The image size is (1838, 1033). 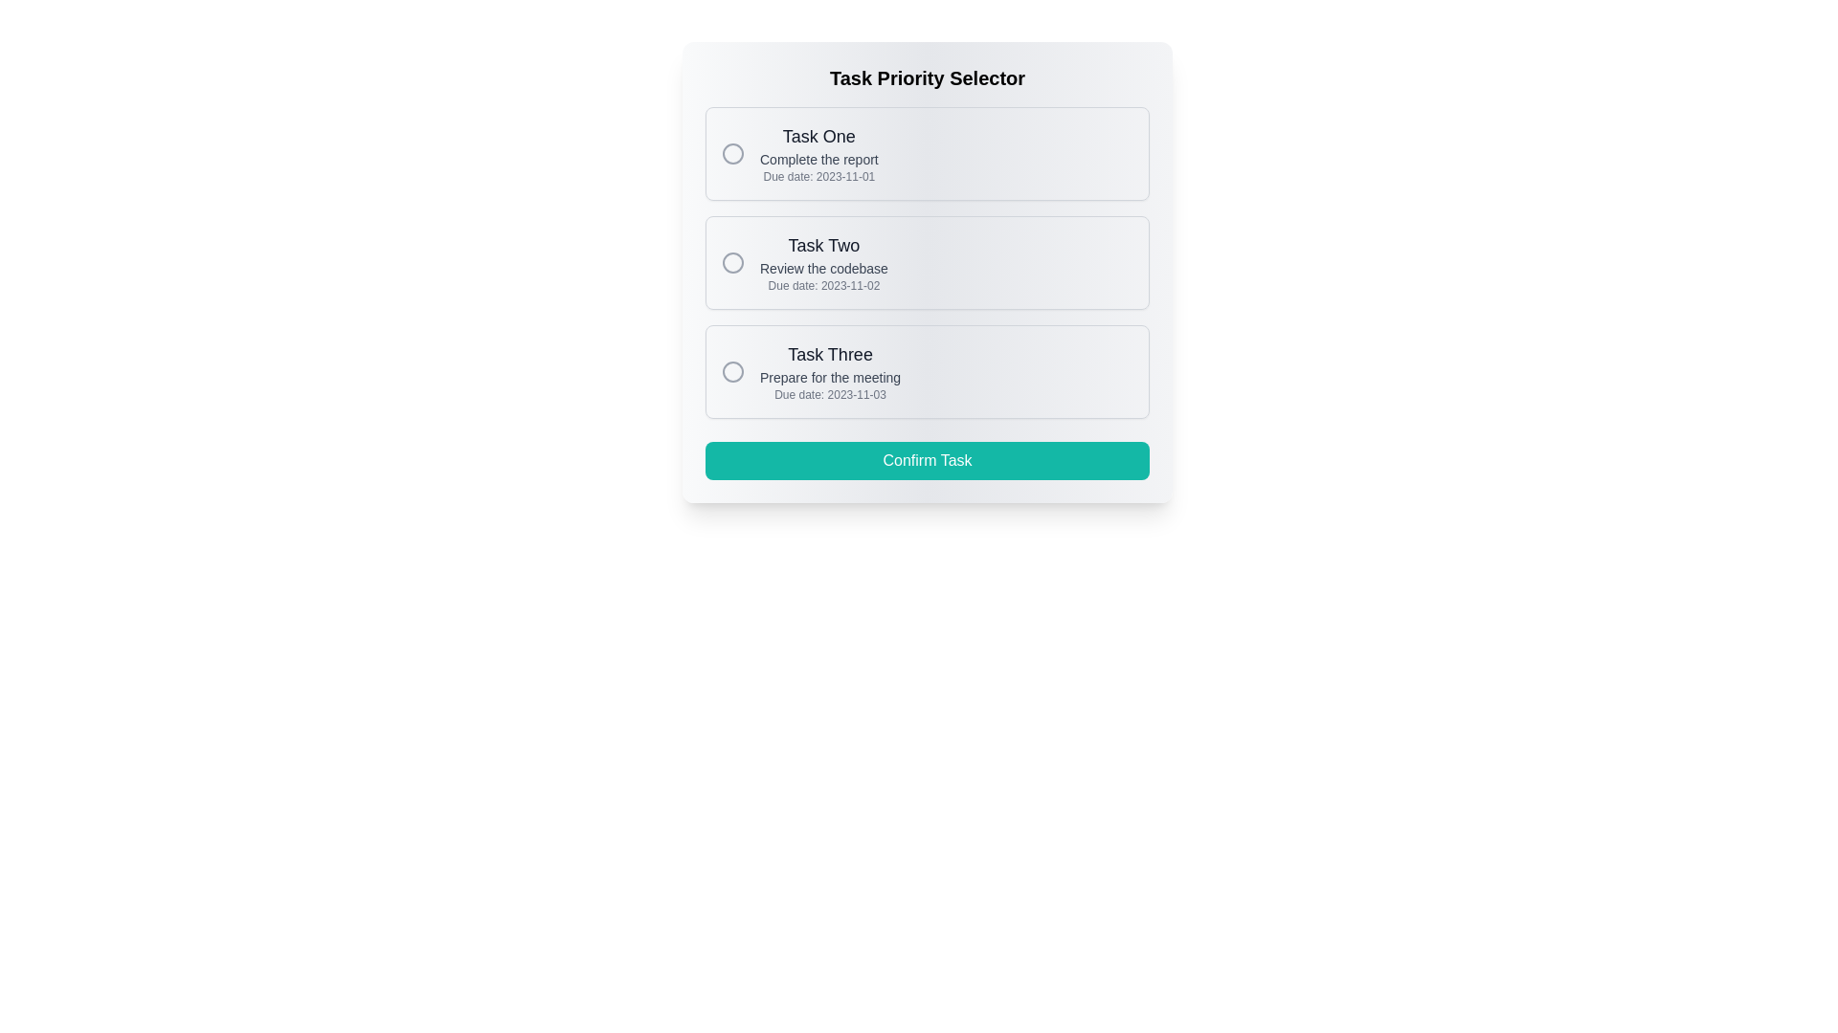 I want to click on the text label displaying the title or name of the task, which is positioned in the second task card, above the description and due date, so click(x=823, y=245).